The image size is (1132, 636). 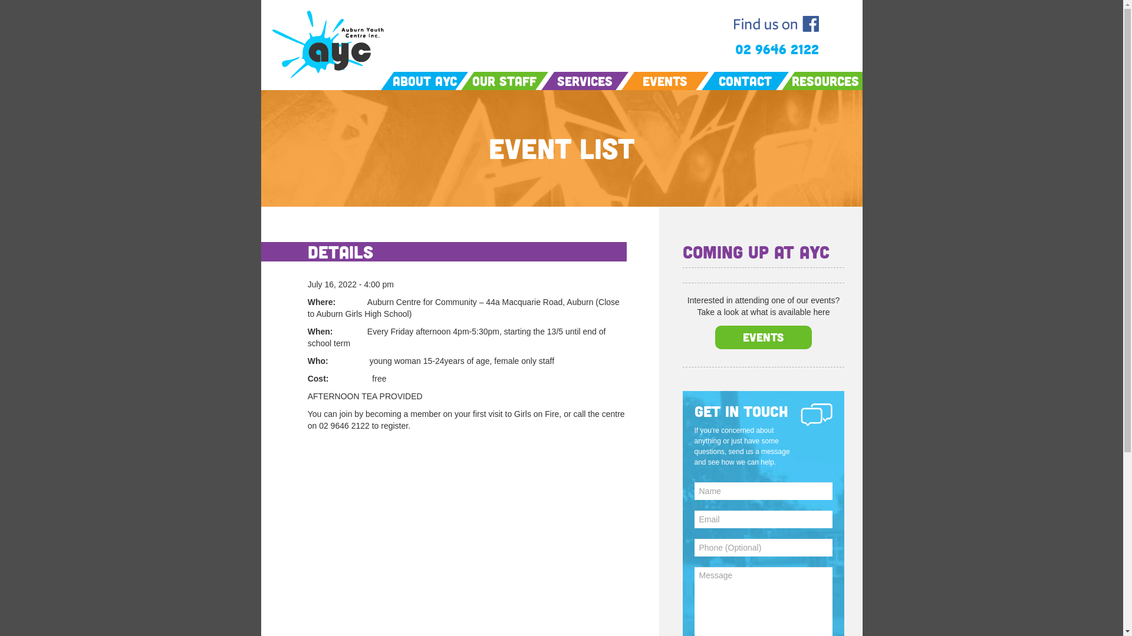 What do you see at coordinates (744, 80) in the screenshot?
I see `'Contact'` at bounding box center [744, 80].